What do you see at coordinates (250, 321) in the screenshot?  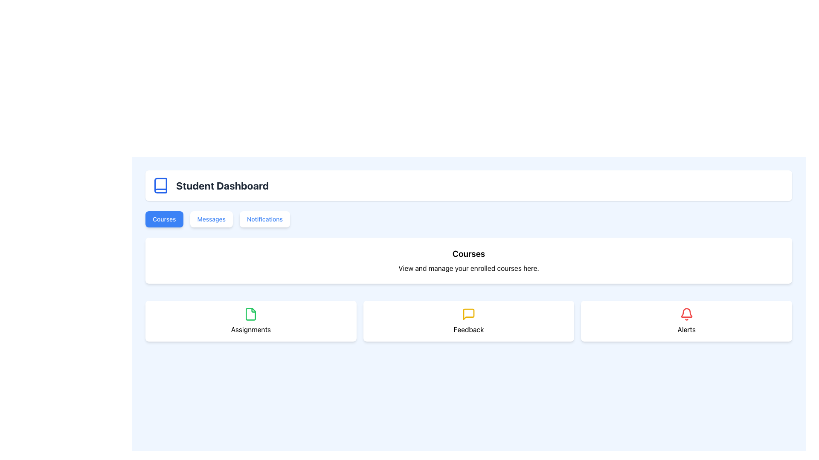 I see `the white card labeled 'Assignments' that contains a green document icon, located at the leftmost position in the three-column grid layout` at bounding box center [250, 321].